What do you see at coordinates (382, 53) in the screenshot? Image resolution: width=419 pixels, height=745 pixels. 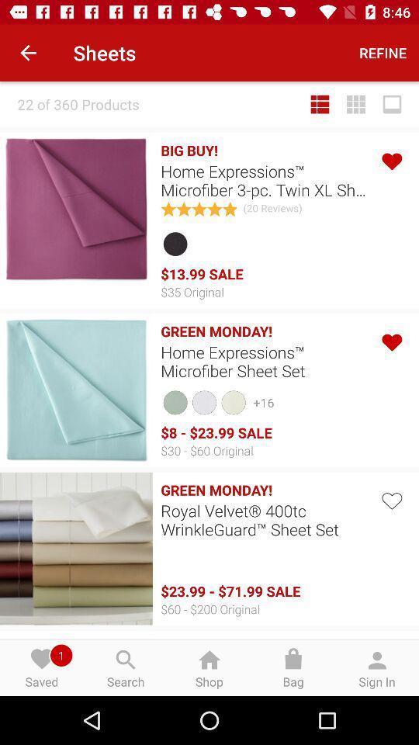 I see `the item next to sheets icon` at bounding box center [382, 53].